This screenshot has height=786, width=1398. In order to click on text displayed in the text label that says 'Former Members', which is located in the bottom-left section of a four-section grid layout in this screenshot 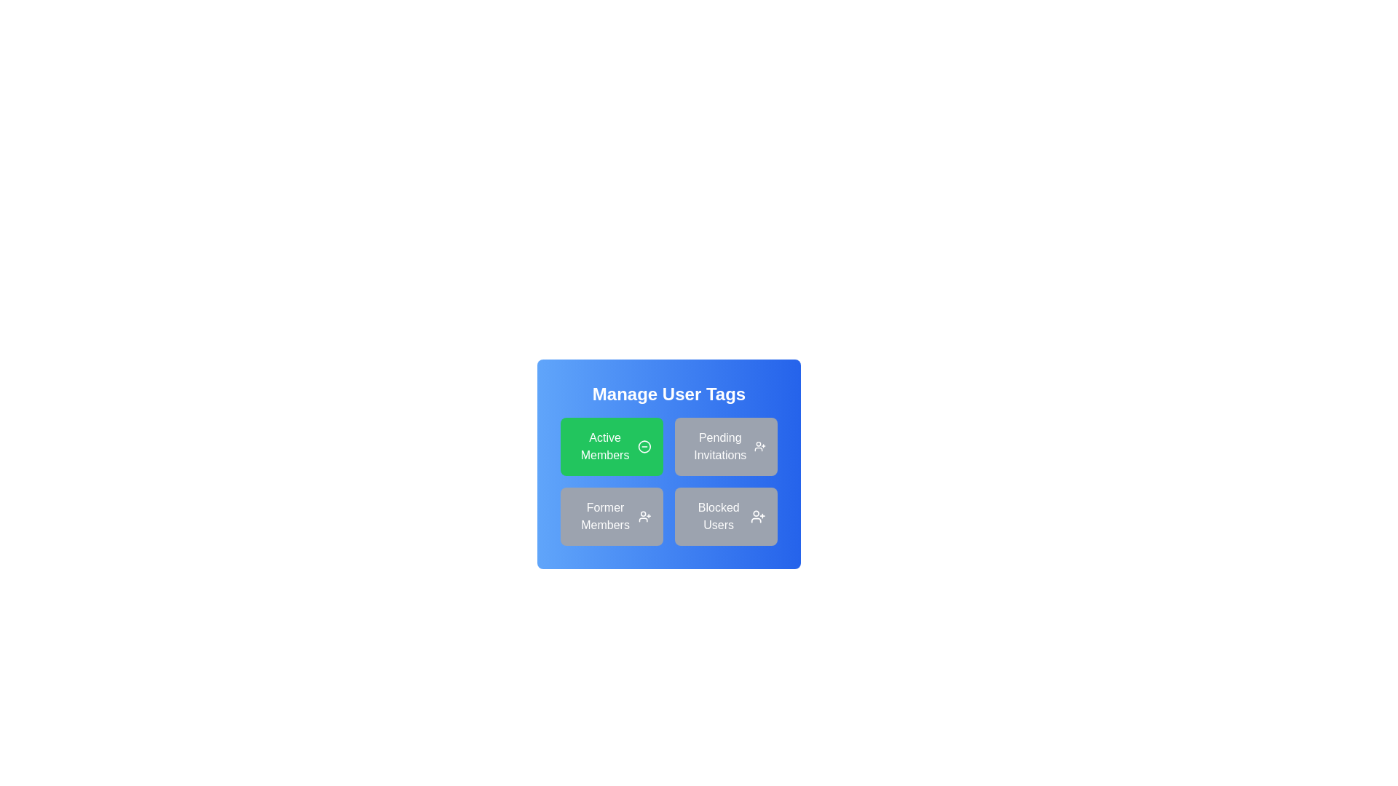, I will do `click(605, 515)`.